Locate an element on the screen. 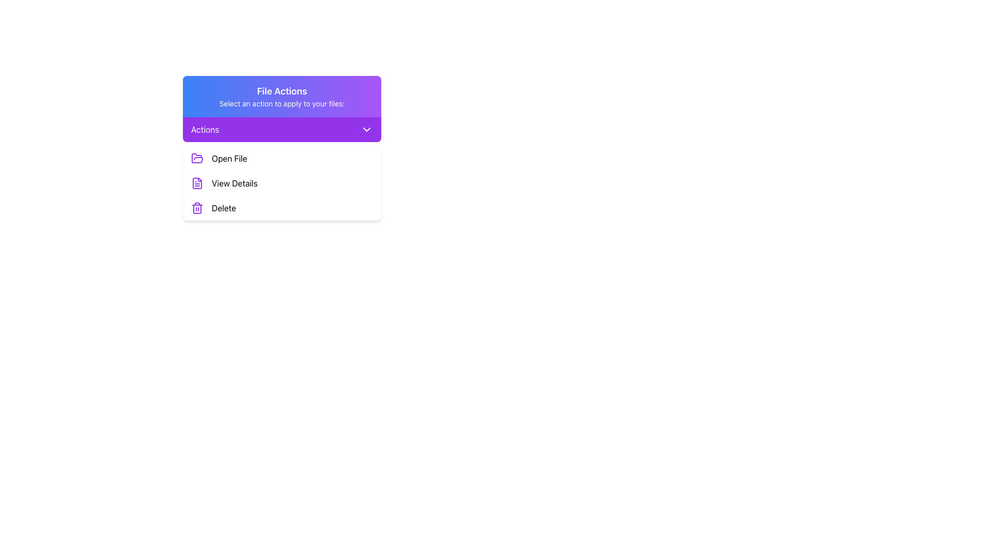  the first Button-like list item labeled 'Open File' in the vertical action menu is located at coordinates (282, 159).